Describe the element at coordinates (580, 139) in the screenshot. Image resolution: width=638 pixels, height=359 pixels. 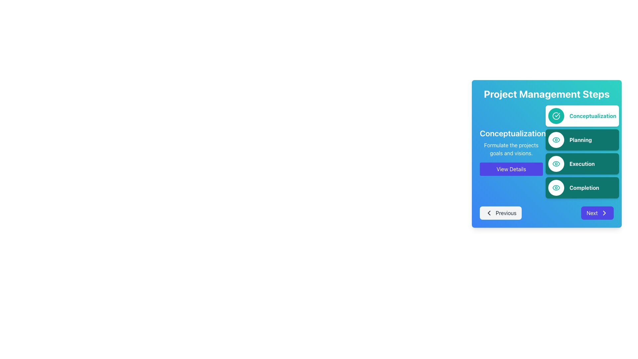
I see `the 'Planning' text label element, which is styled in bold and positioned on a teal background inside the second card of a vertical stack of four cards` at that location.